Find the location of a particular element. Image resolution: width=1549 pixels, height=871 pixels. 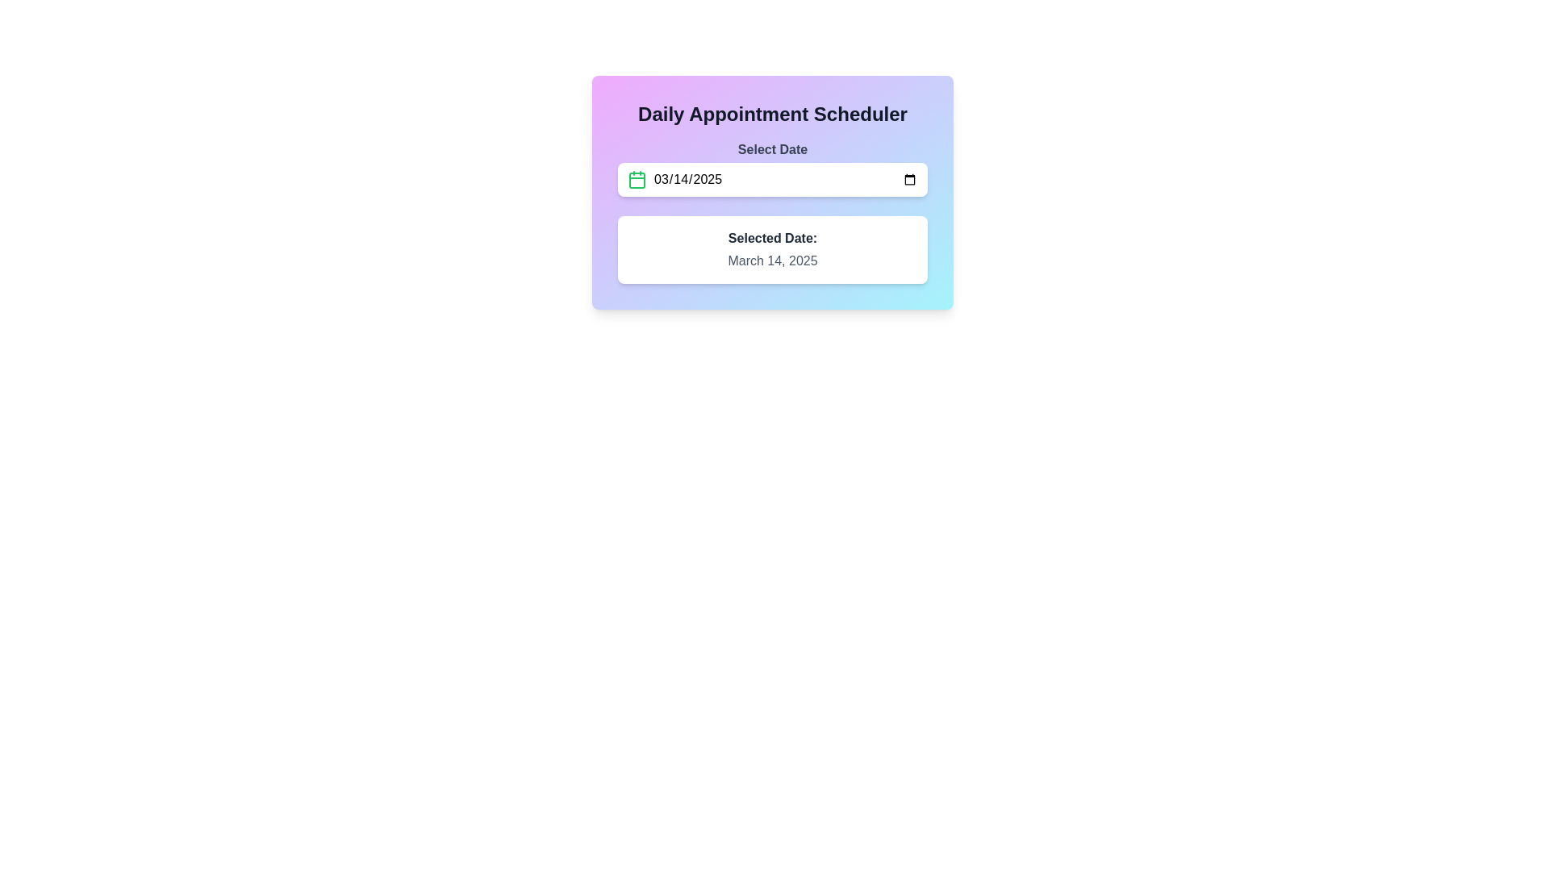

the date input field styled as a date picker by tabbing to it is located at coordinates (786, 180).